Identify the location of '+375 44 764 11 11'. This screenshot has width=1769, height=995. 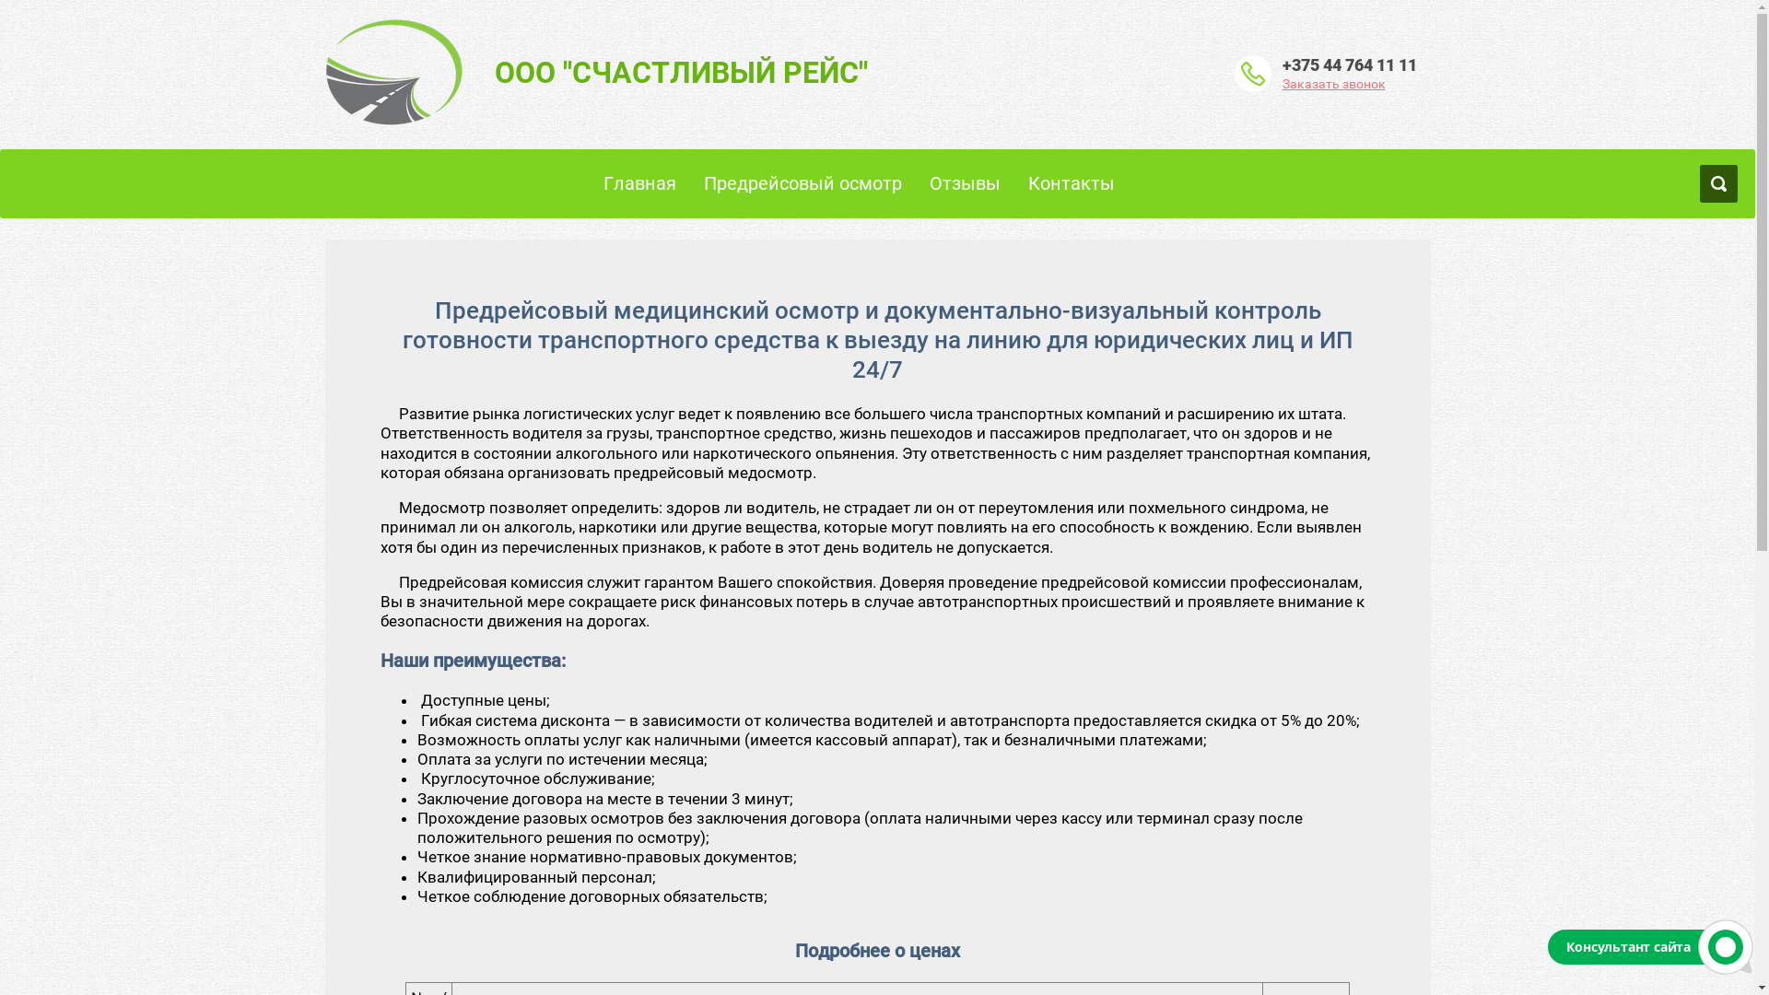
(1349, 64).